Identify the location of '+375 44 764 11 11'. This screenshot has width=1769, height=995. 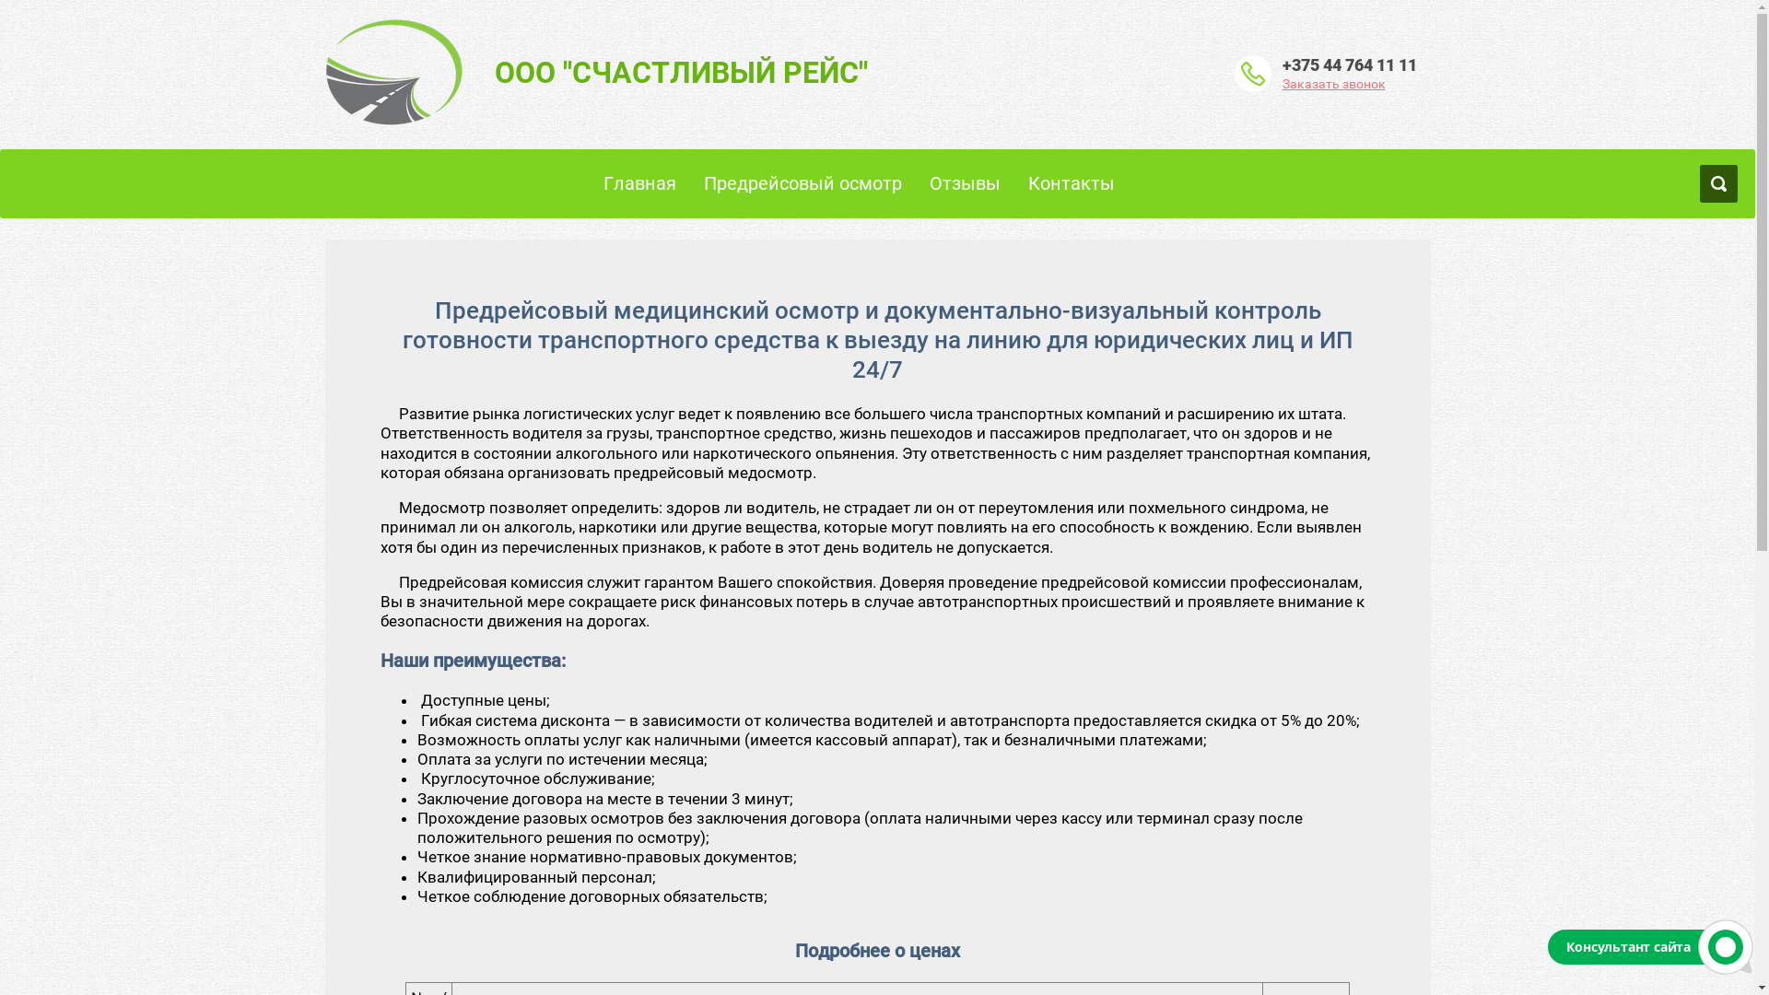
(1349, 64).